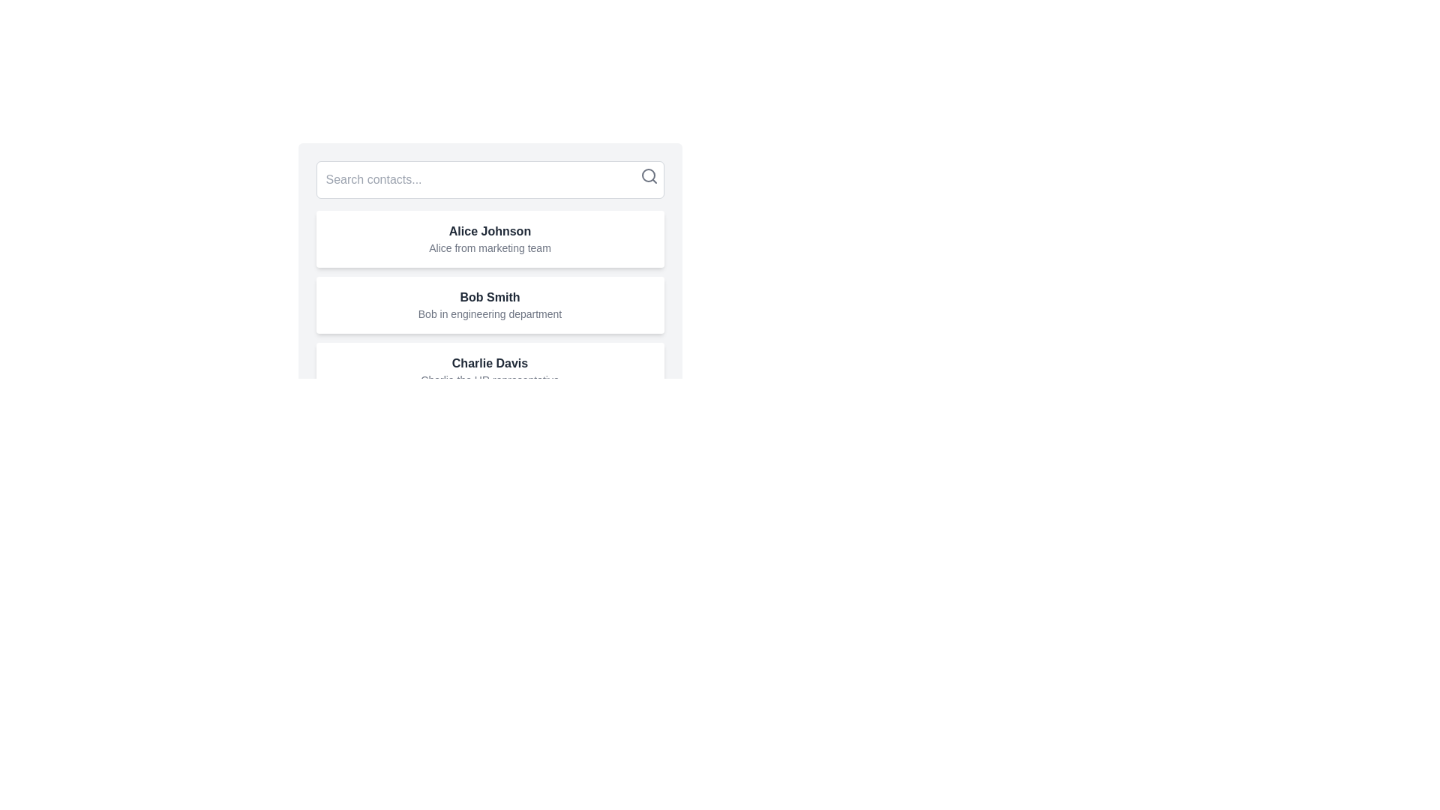 The width and height of the screenshot is (1440, 810). What do you see at coordinates (649, 175) in the screenshot?
I see `the search icon located at the top-right corner of the search bar` at bounding box center [649, 175].